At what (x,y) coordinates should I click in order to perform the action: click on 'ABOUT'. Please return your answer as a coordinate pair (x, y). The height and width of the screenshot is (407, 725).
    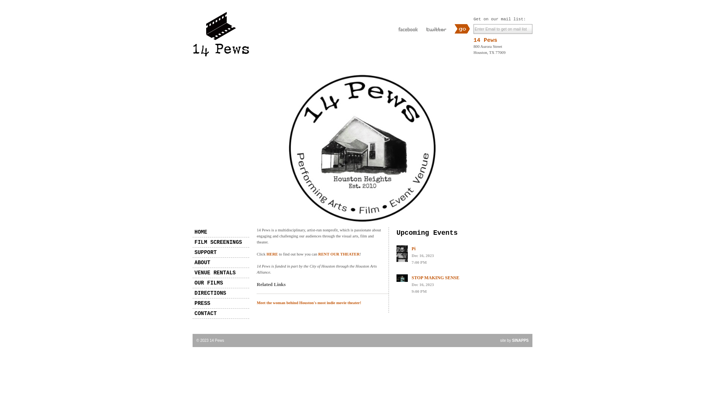
    Looking at the image, I should click on (192, 262).